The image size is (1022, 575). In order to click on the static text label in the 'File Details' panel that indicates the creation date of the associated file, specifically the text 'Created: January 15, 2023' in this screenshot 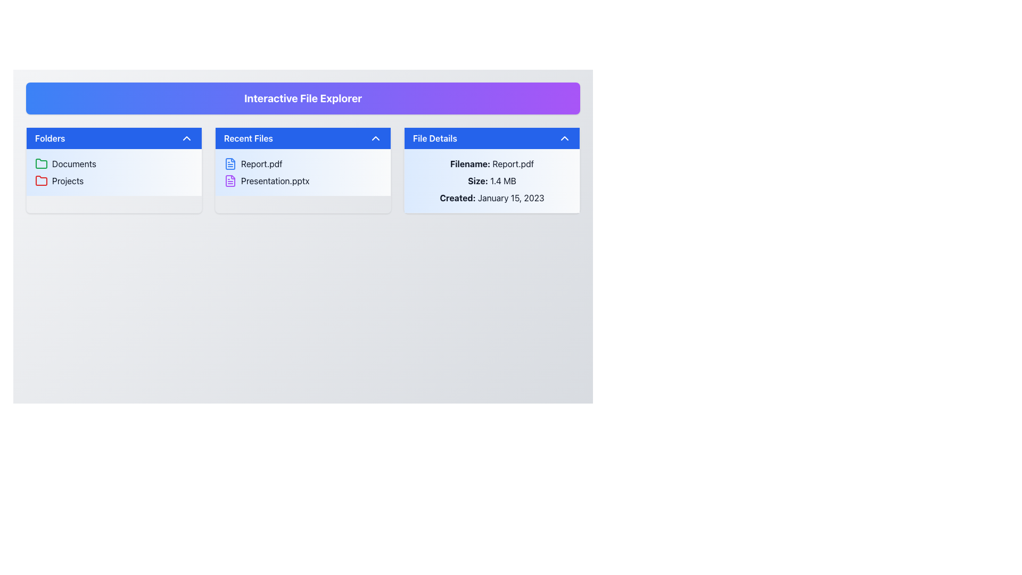, I will do `click(457, 198)`.